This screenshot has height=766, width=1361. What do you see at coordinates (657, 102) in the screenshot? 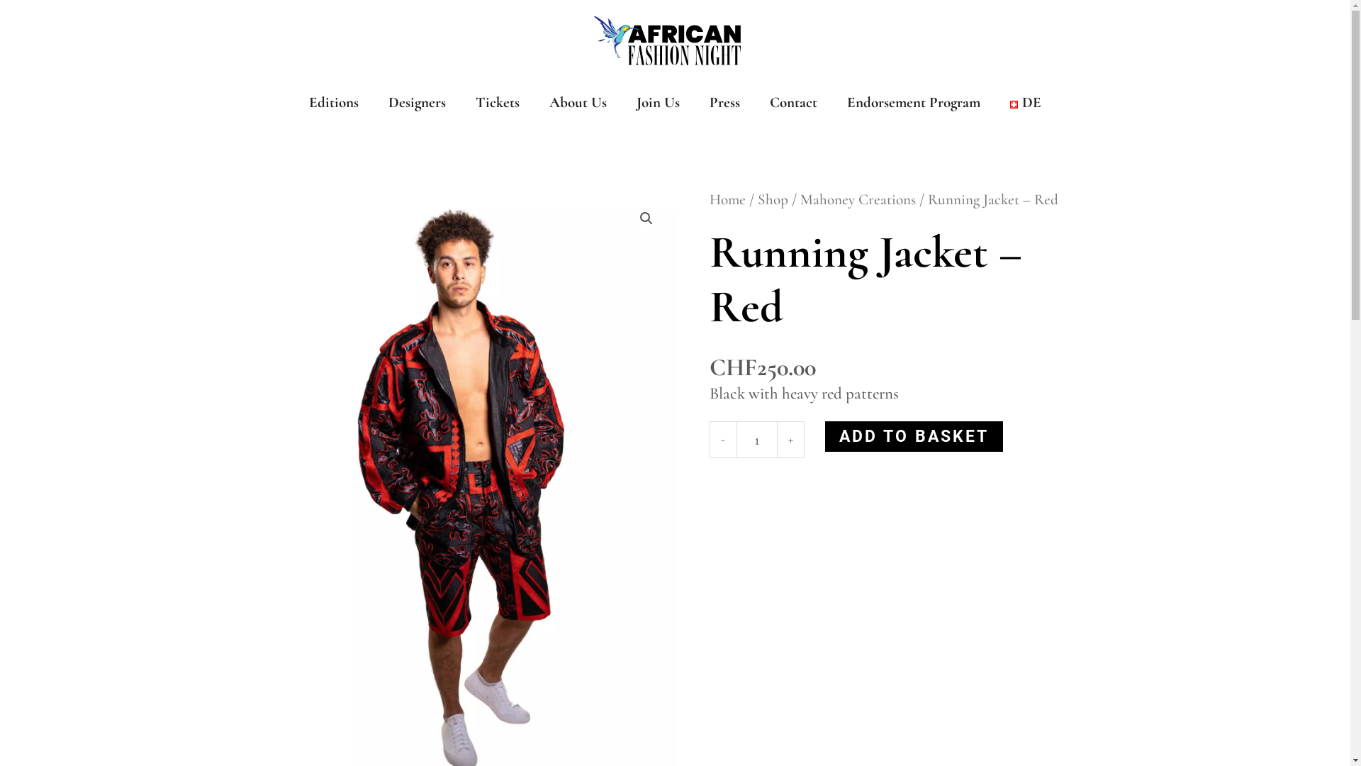
I see `'Join Us'` at bounding box center [657, 102].